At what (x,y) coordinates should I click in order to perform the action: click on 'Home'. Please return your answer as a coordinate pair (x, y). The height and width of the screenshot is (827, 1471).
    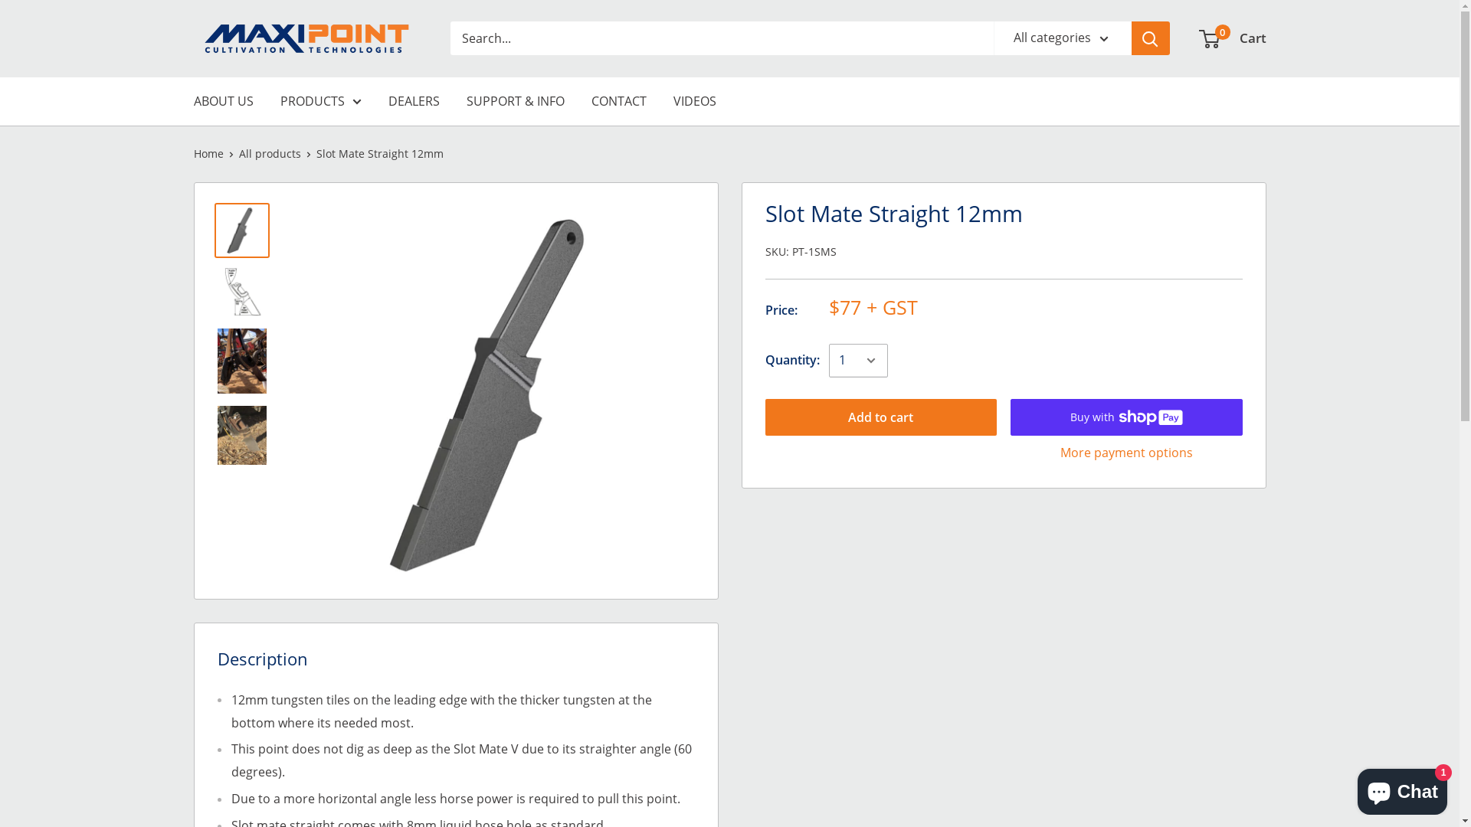
    Looking at the image, I should click on (207, 153).